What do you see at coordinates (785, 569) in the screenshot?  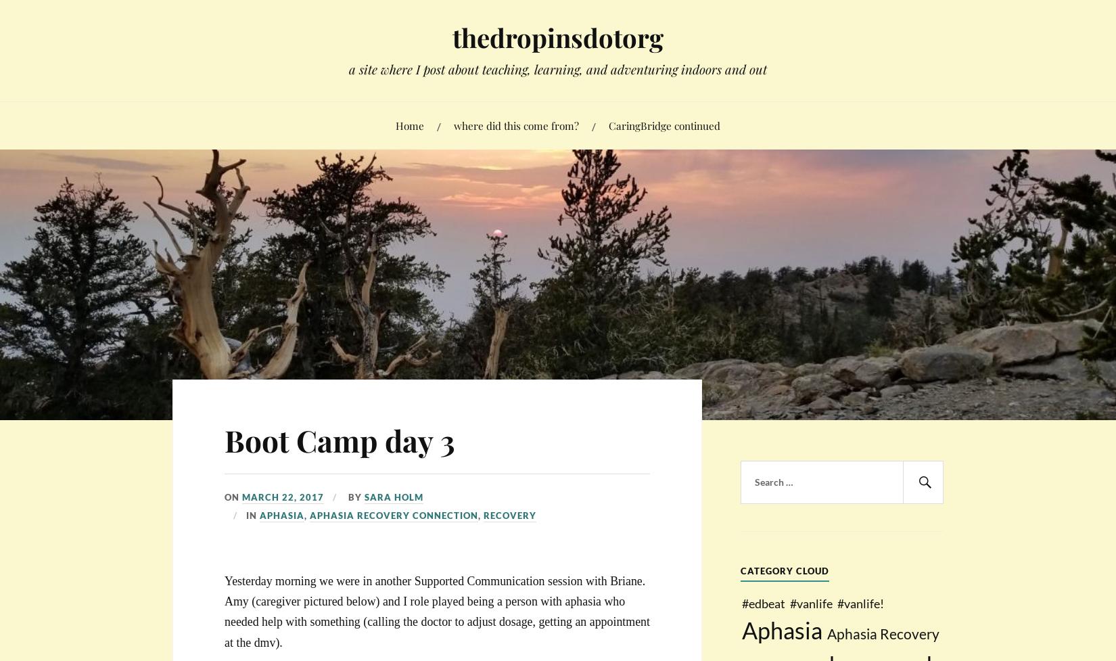 I see `'Category Cloud'` at bounding box center [785, 569].